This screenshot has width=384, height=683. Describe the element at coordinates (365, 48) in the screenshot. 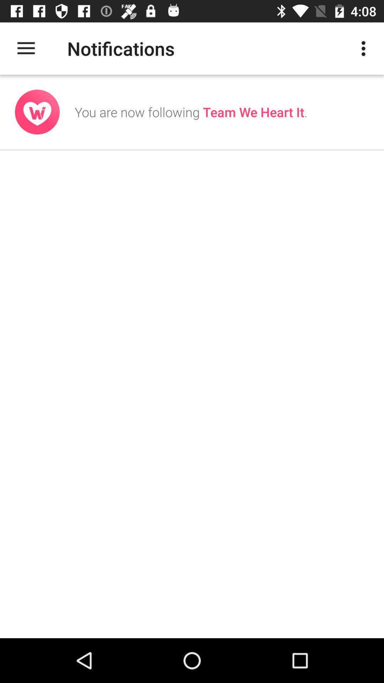

I see `the icon next to the notifications icon` at that location.